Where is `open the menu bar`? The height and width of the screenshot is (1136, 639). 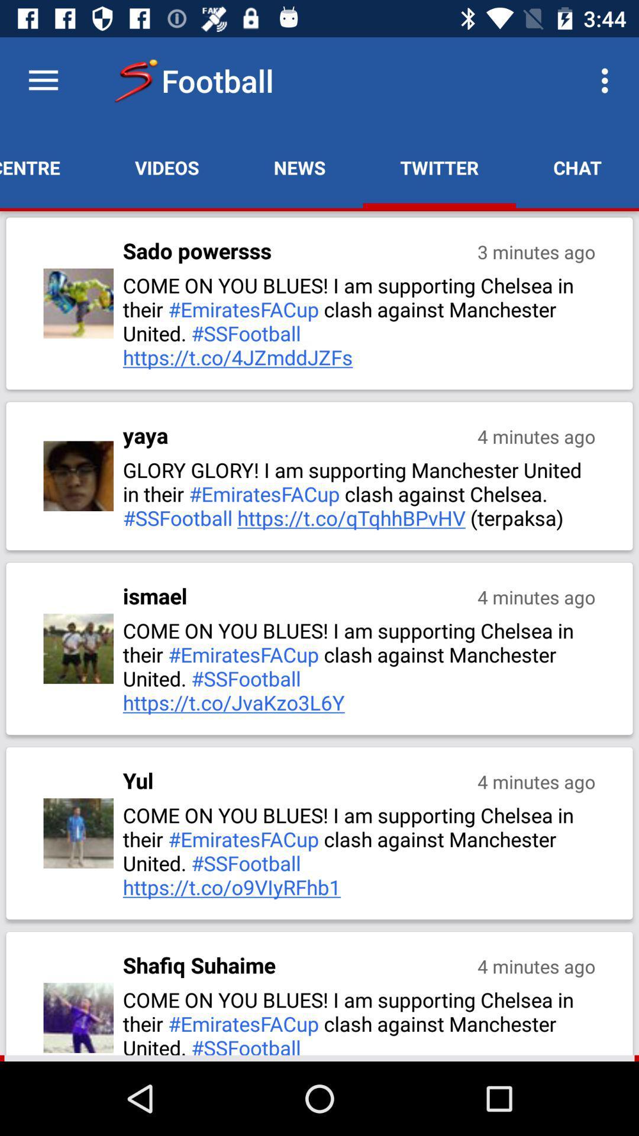 open the menu bar is located at coordinates (43, 80).